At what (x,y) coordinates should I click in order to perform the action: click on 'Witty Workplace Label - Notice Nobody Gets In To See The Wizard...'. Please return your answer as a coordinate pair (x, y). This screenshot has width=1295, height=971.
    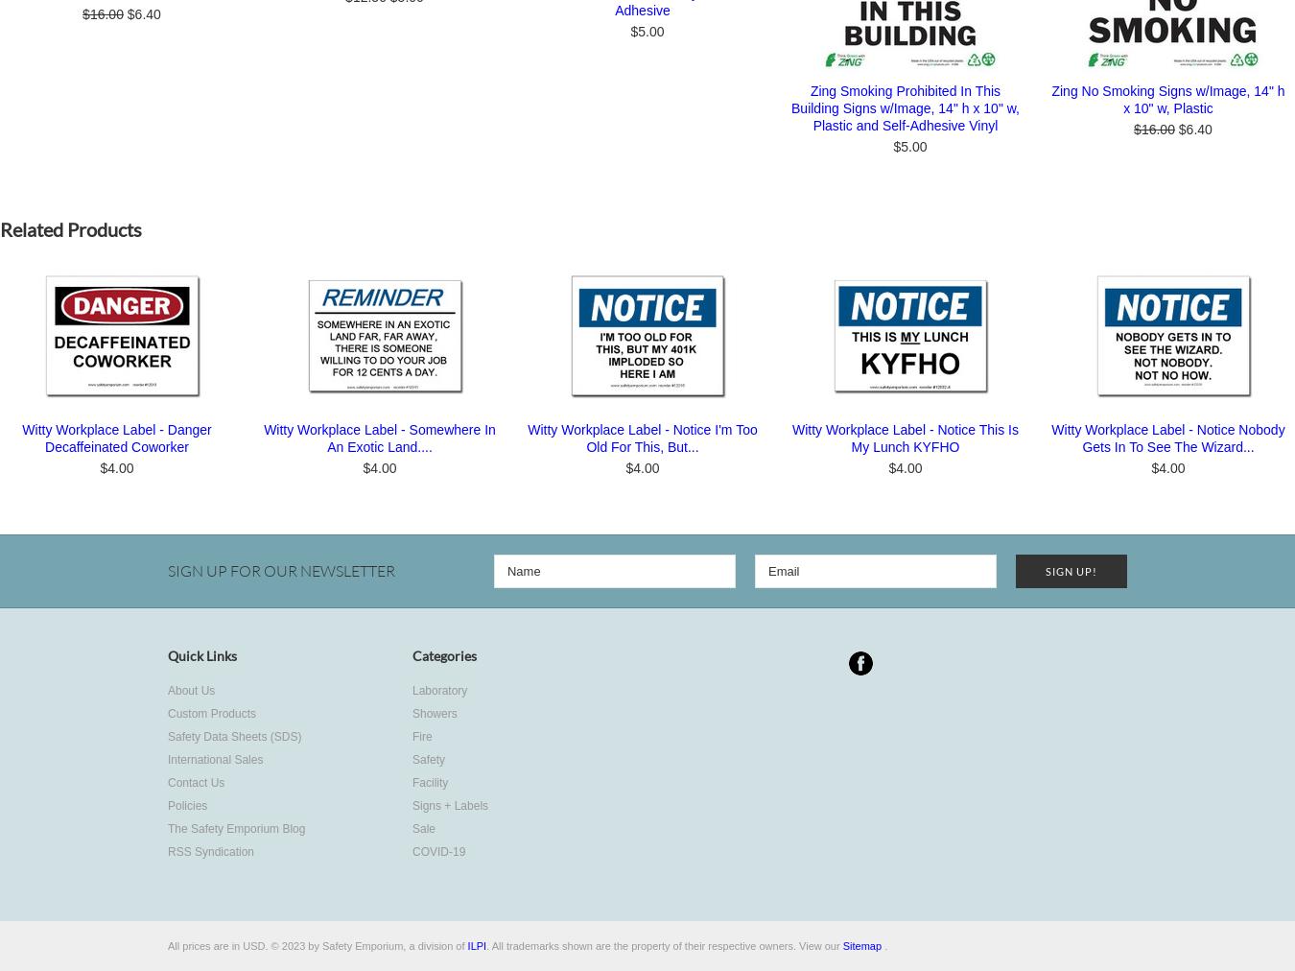
    Looking at the image, I should click on (1051, 438).